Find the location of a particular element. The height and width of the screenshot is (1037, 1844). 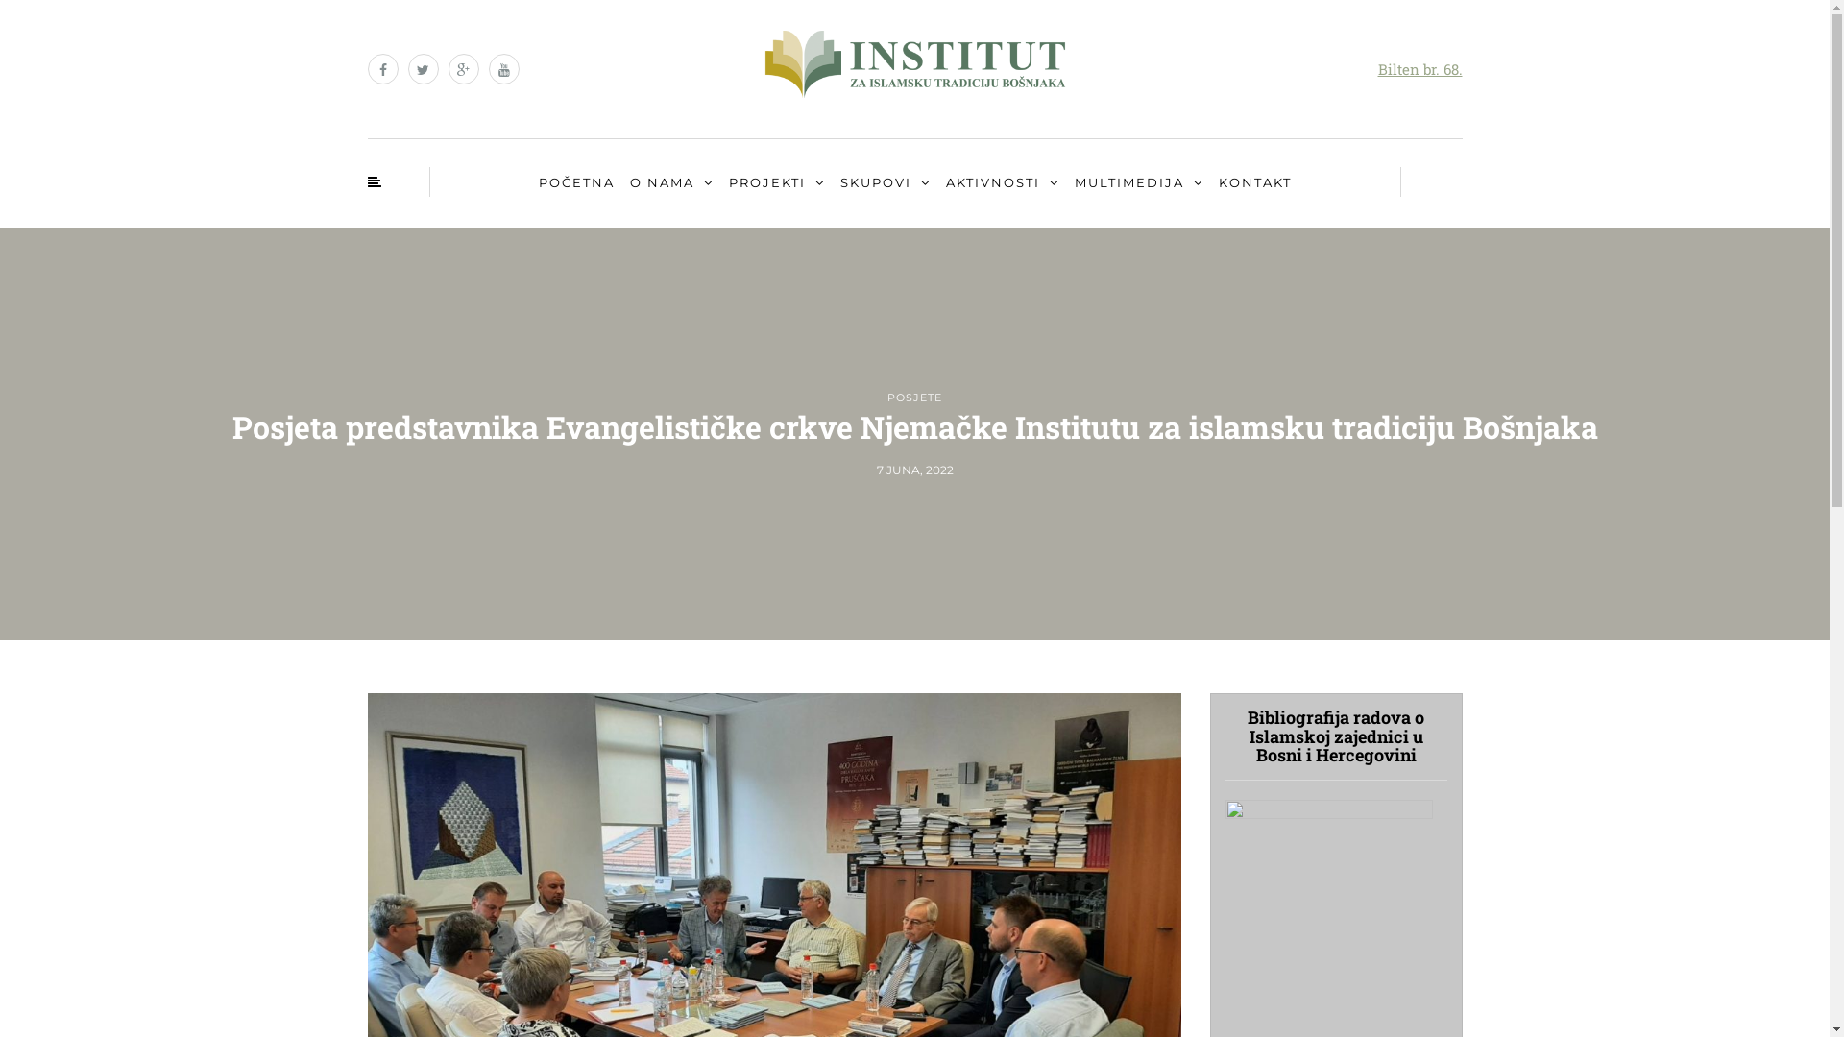

'SKUPOVI' is located at coordinates (835, 183).